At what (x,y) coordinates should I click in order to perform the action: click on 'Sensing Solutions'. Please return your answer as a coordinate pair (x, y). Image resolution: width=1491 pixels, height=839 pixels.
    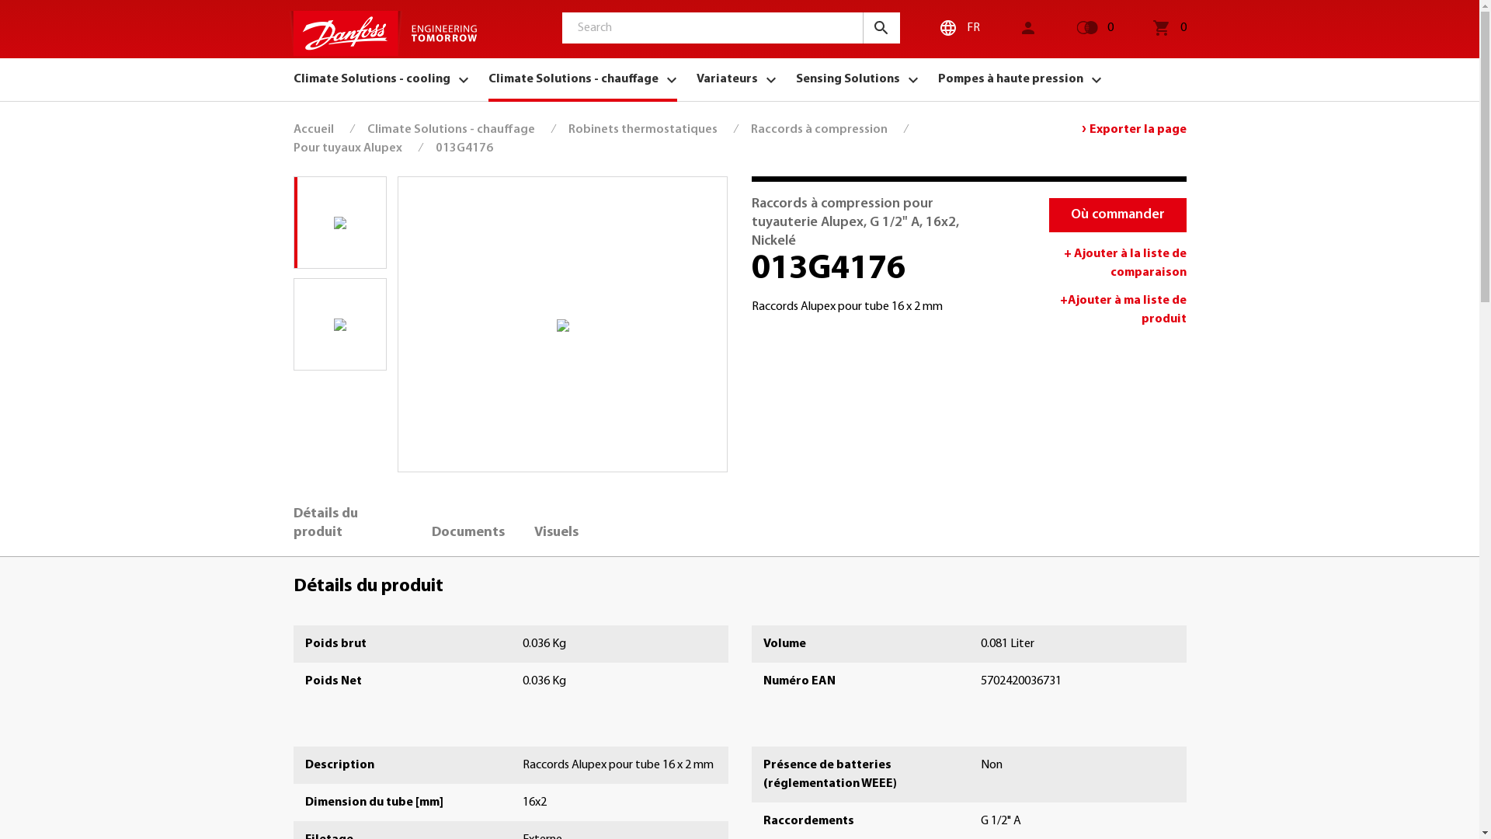
    Looking at the image, I should click on (856, 78).